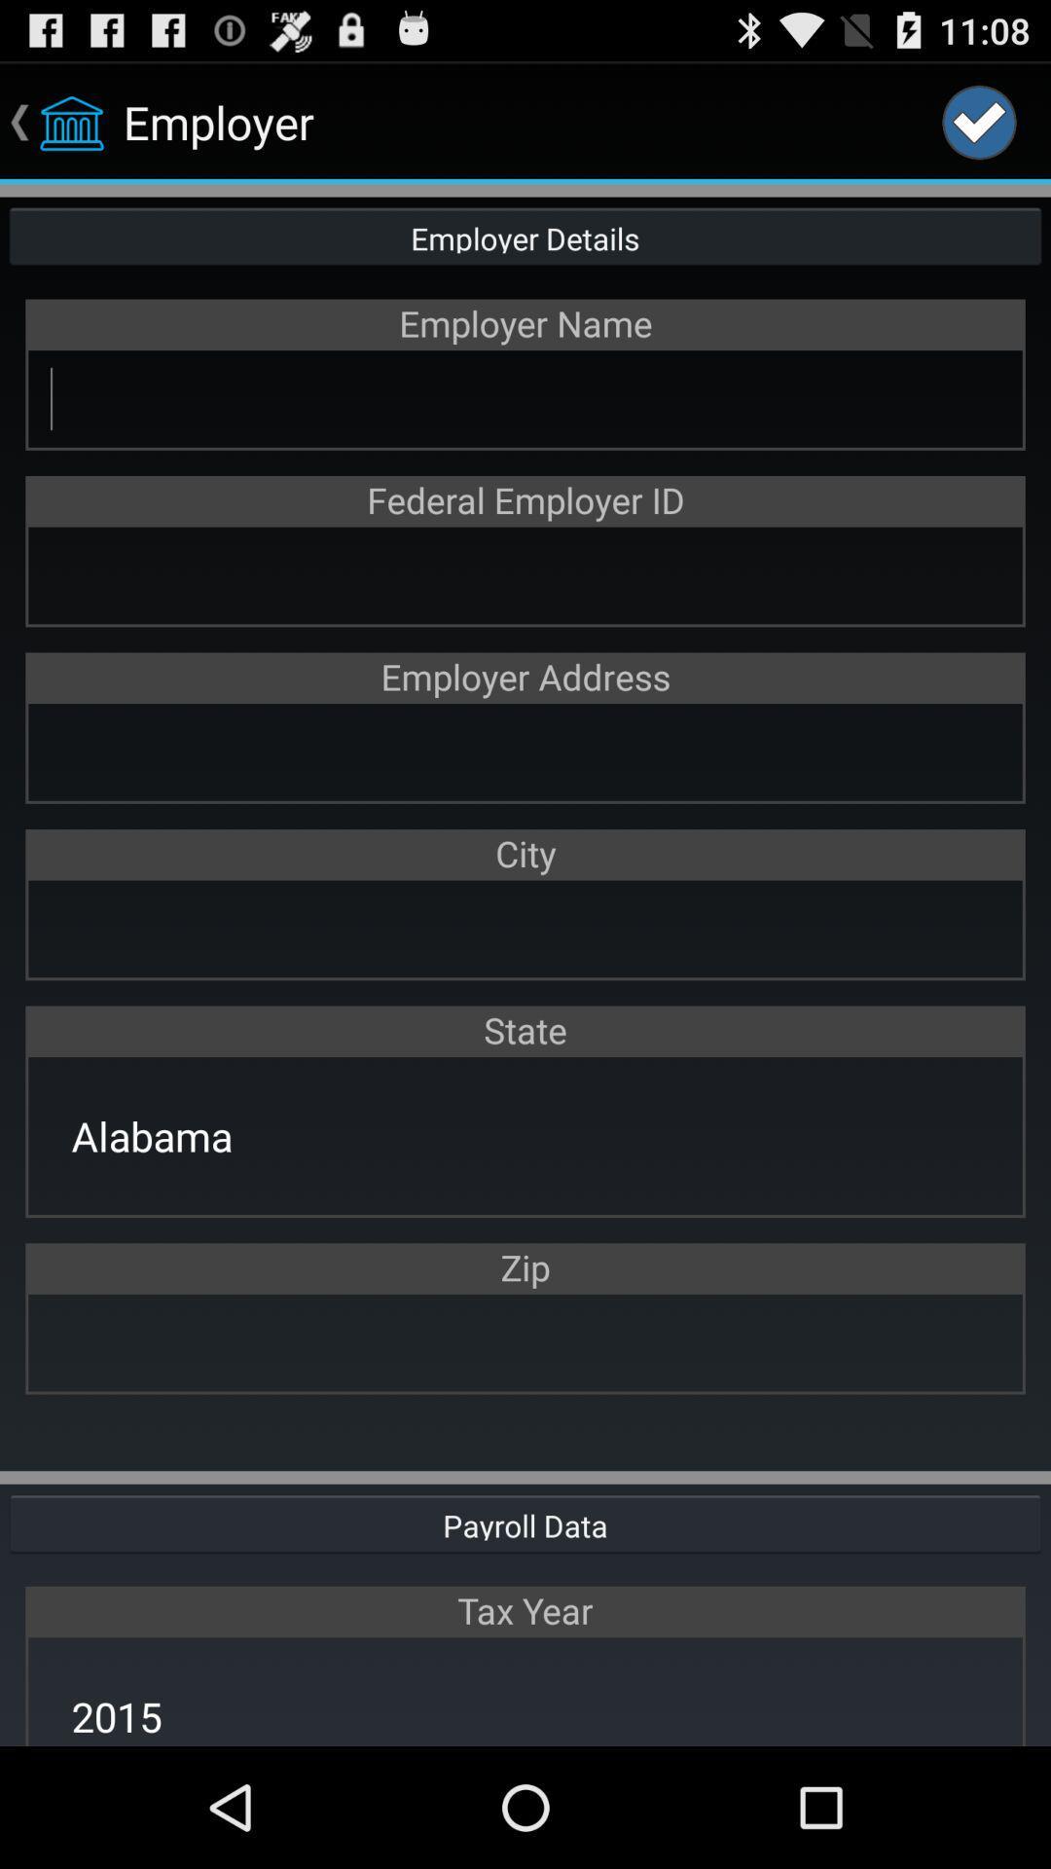 Image resolution: width=1051 pixels, height=1869 pixels. I want to click on address, so click(525, 751).